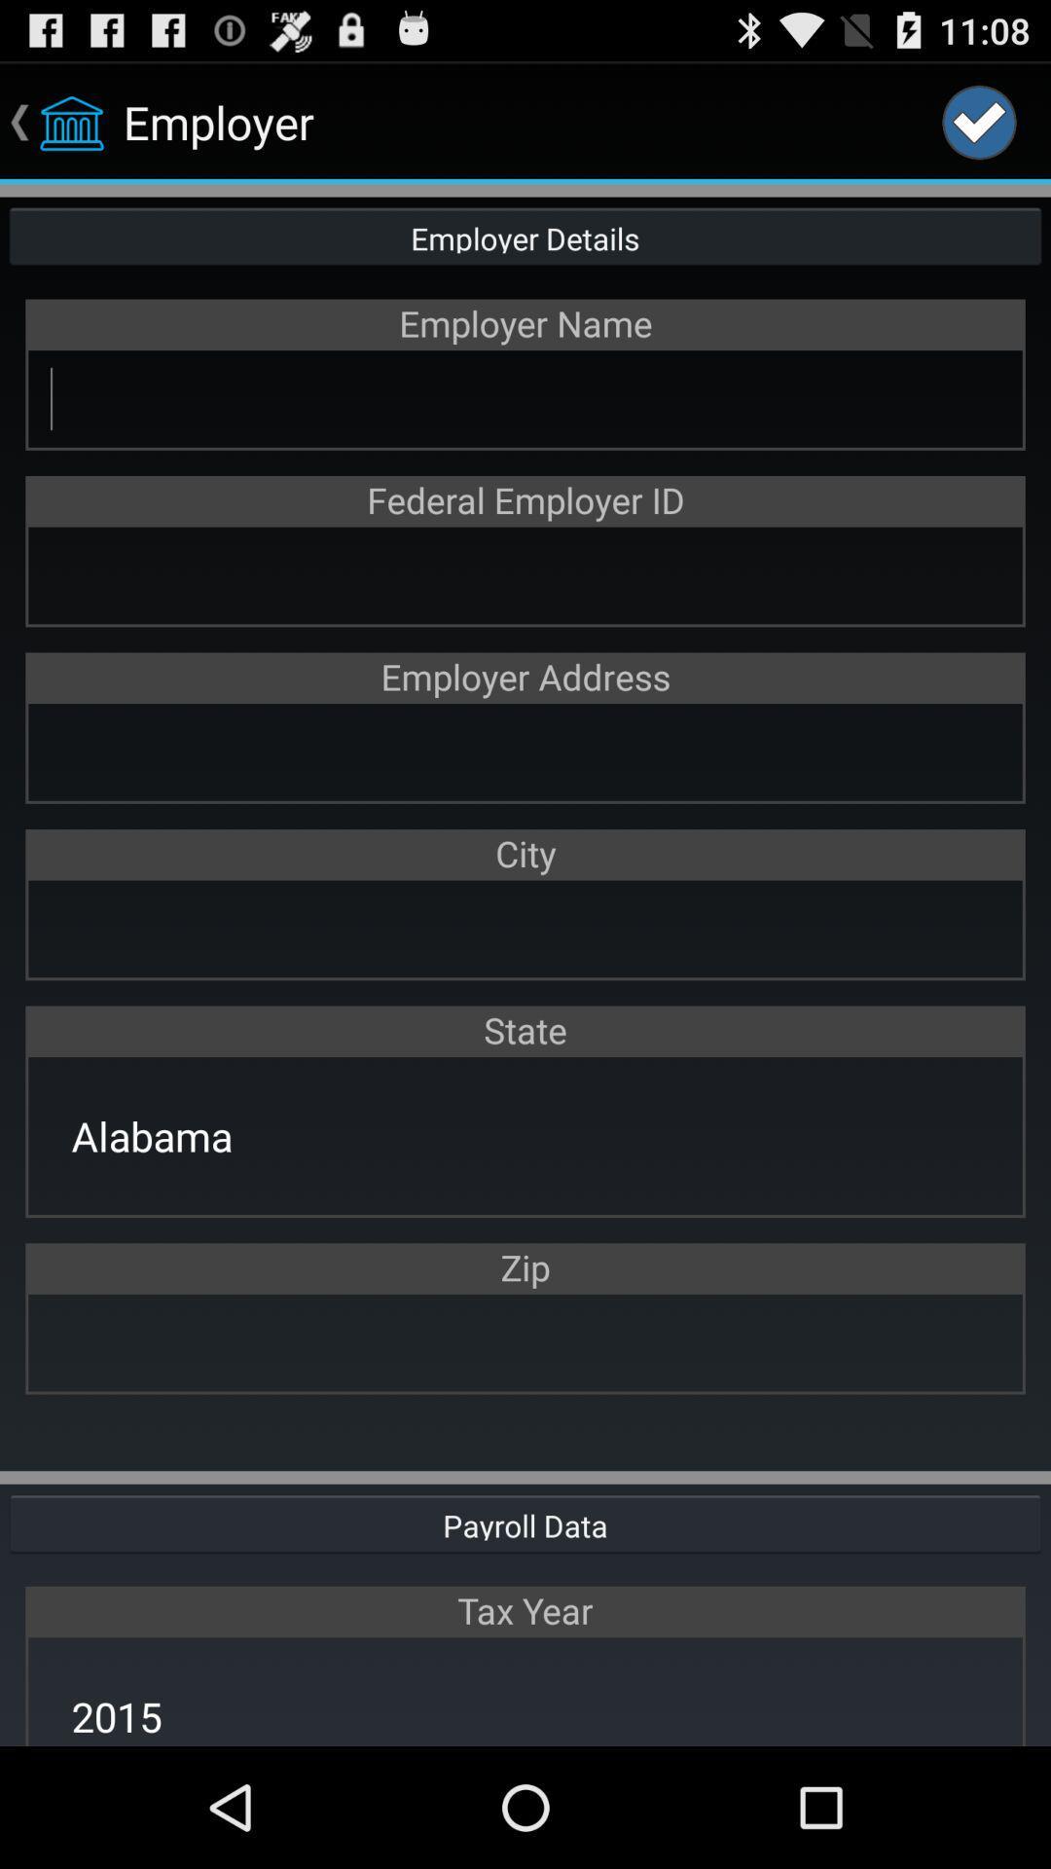 Image resolution: width=1051 pixels, height=1869 pixels. I want to click on address, so click(525, 751).